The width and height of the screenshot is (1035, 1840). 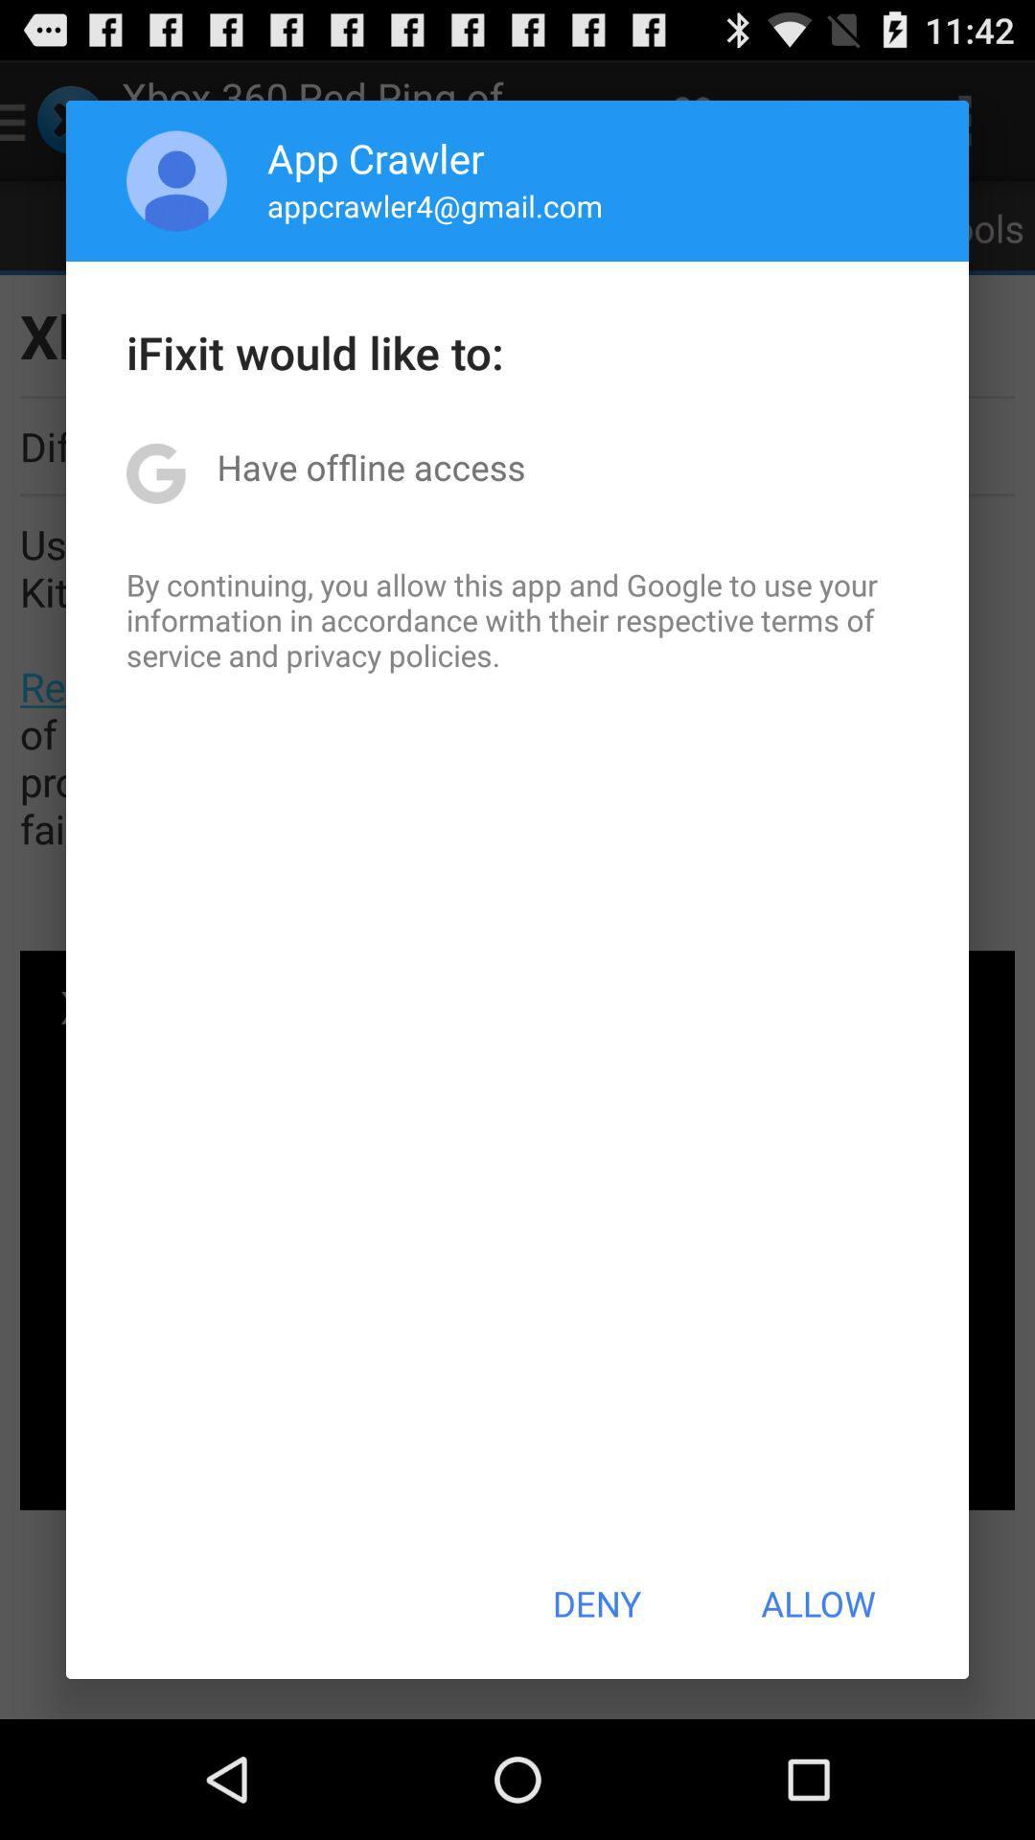 I want to click on the item above the ifixit would like item, so click(x=435, y=205).